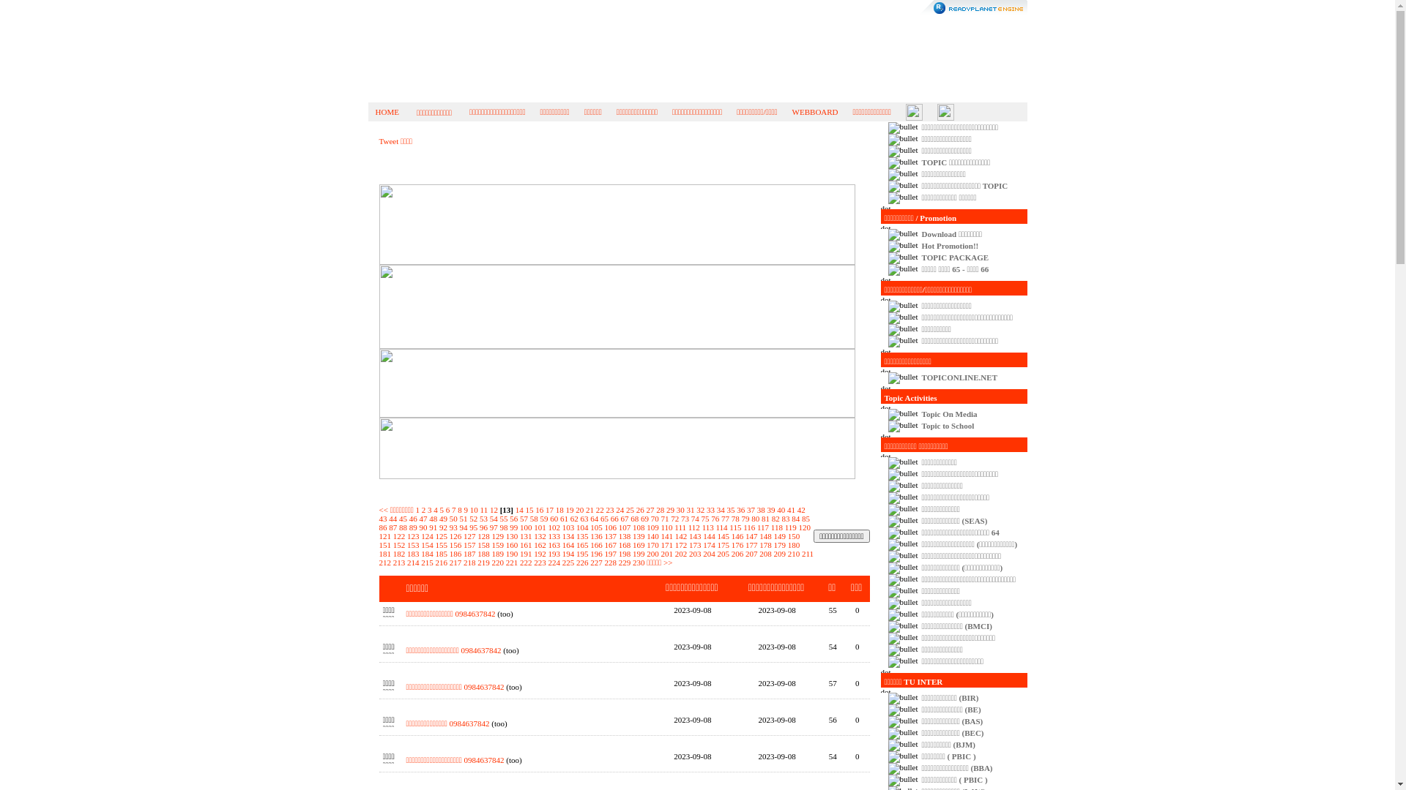 The width and height of the screenshot is (1406, 790). I want to click on '8', so click(459, 509).